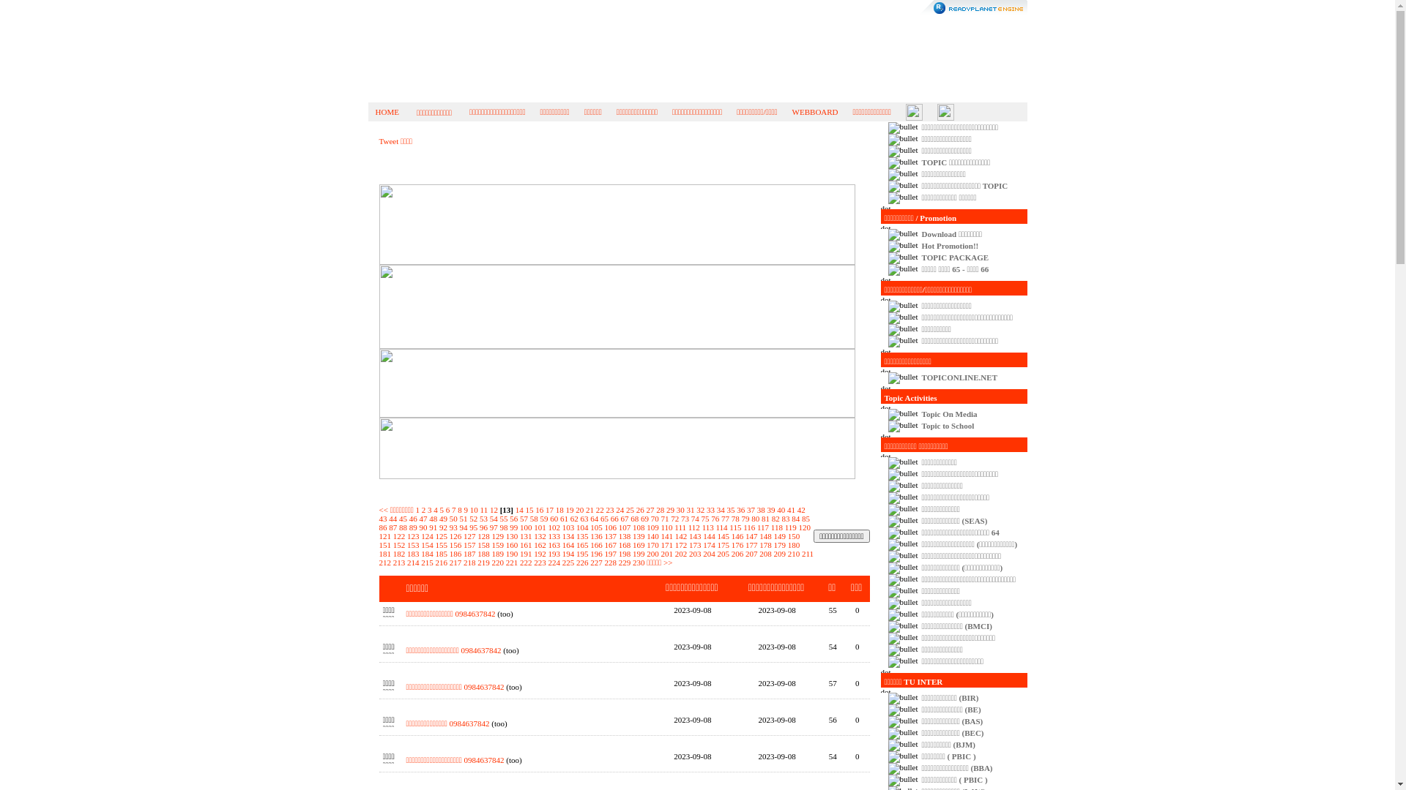 The width and height of the screenshot is (1406, 790). I want to click on '8', so click(459, 509).